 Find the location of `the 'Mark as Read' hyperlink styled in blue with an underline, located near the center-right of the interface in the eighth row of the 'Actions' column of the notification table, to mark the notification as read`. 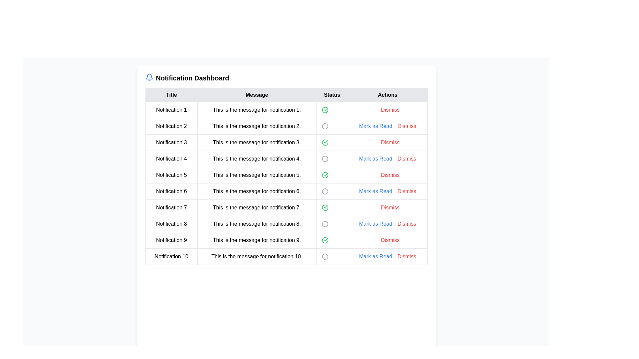

the 'Mark as Read' hyperlink styled in blue with an underline, located near the center-right of the interface in the eighth row of the 'Actions' column of the notification table, to mark the notification as read is located at coordinates (375, 224).